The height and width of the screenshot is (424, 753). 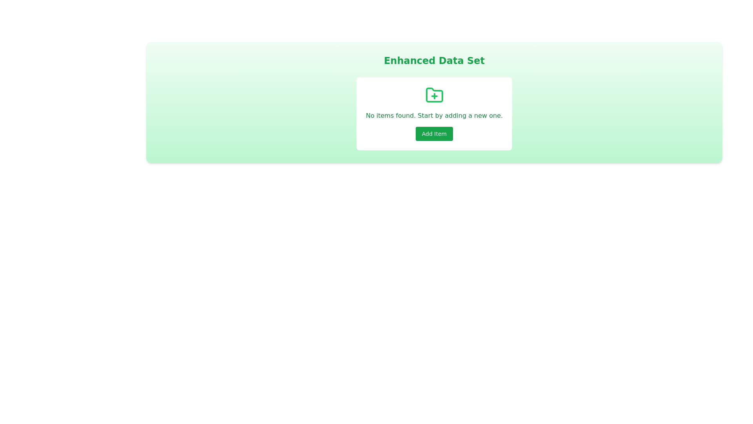 I want to click on the green folder icon with a plus sign in the middle, located above the 'No items found. Start by adding a new one.' text and directly above the 'Add Item' button, so click(x=434, y=95).